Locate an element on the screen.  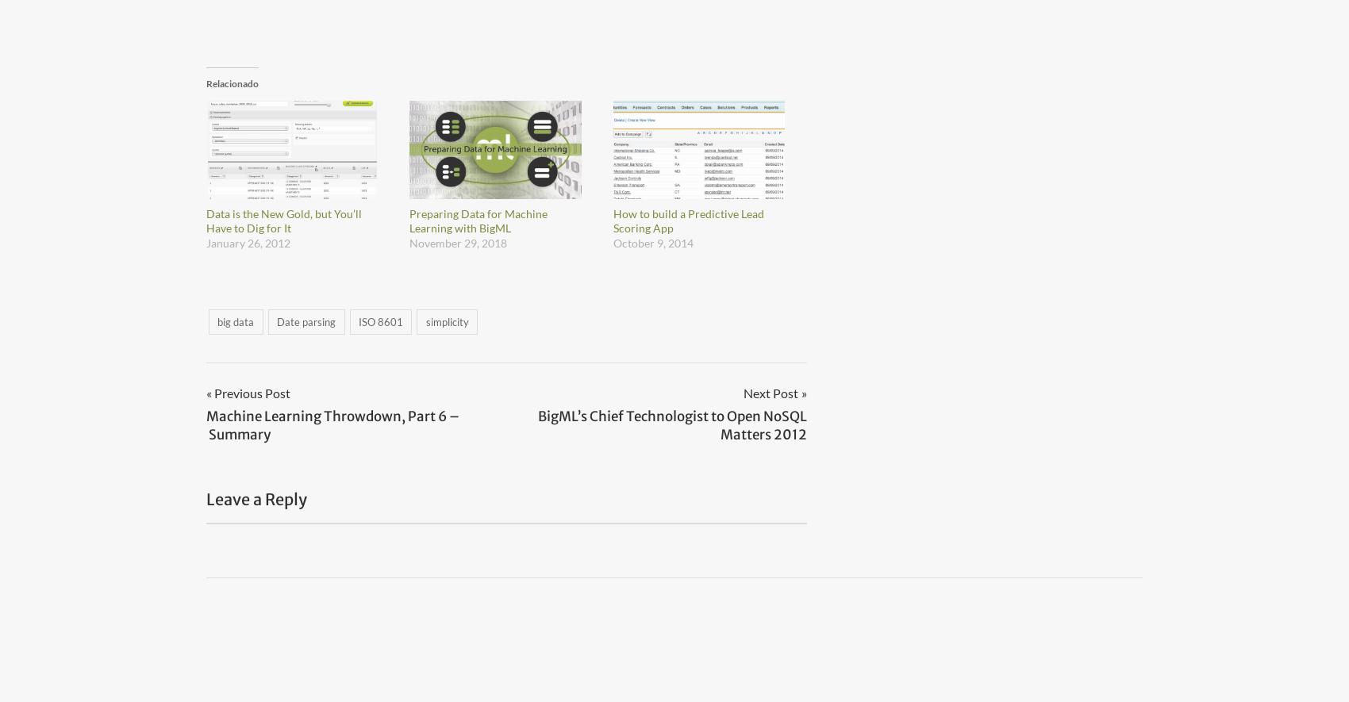
'Previous Post' is located at coordinates (252, 393).